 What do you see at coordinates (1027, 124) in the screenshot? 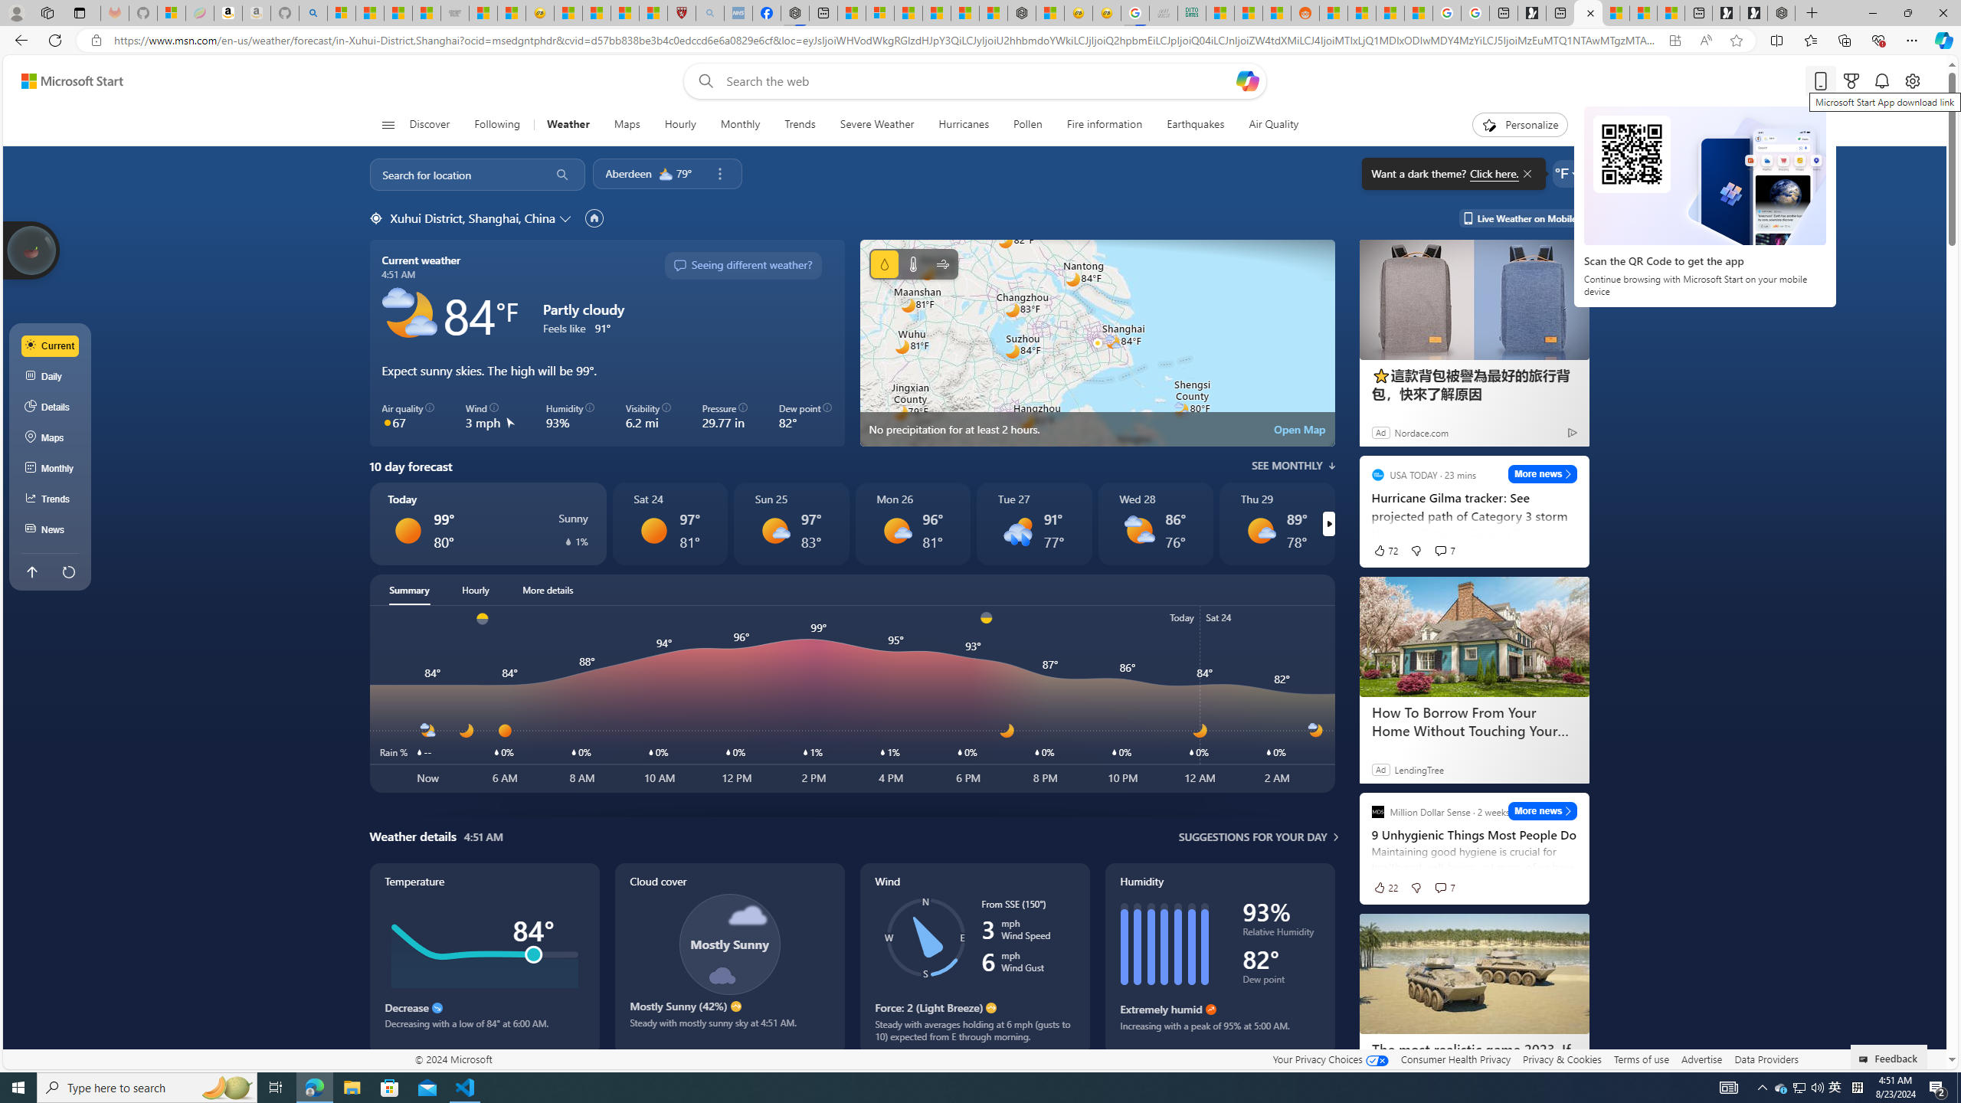
I see `'Pollen'` at bounding box center [1027, 124].